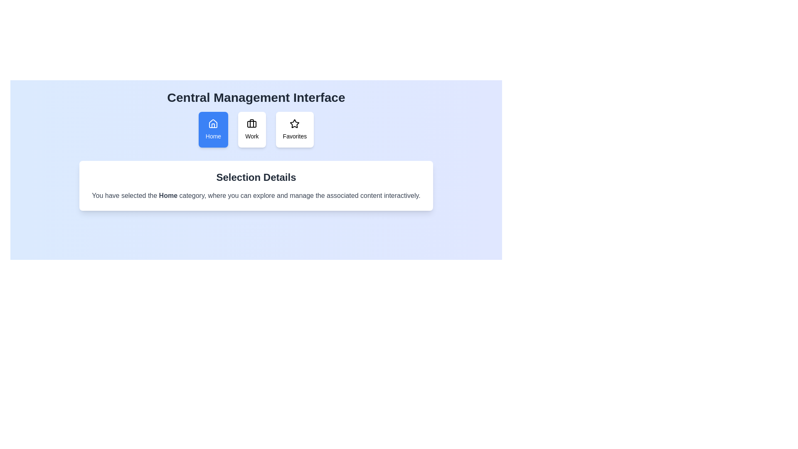  Describe the element at coordinates (213, 126) in the screenshot. I see `the decorative icon segment of the house icon, which is part of the 'Home' button, located in the central vertical section of the icon` at that location.